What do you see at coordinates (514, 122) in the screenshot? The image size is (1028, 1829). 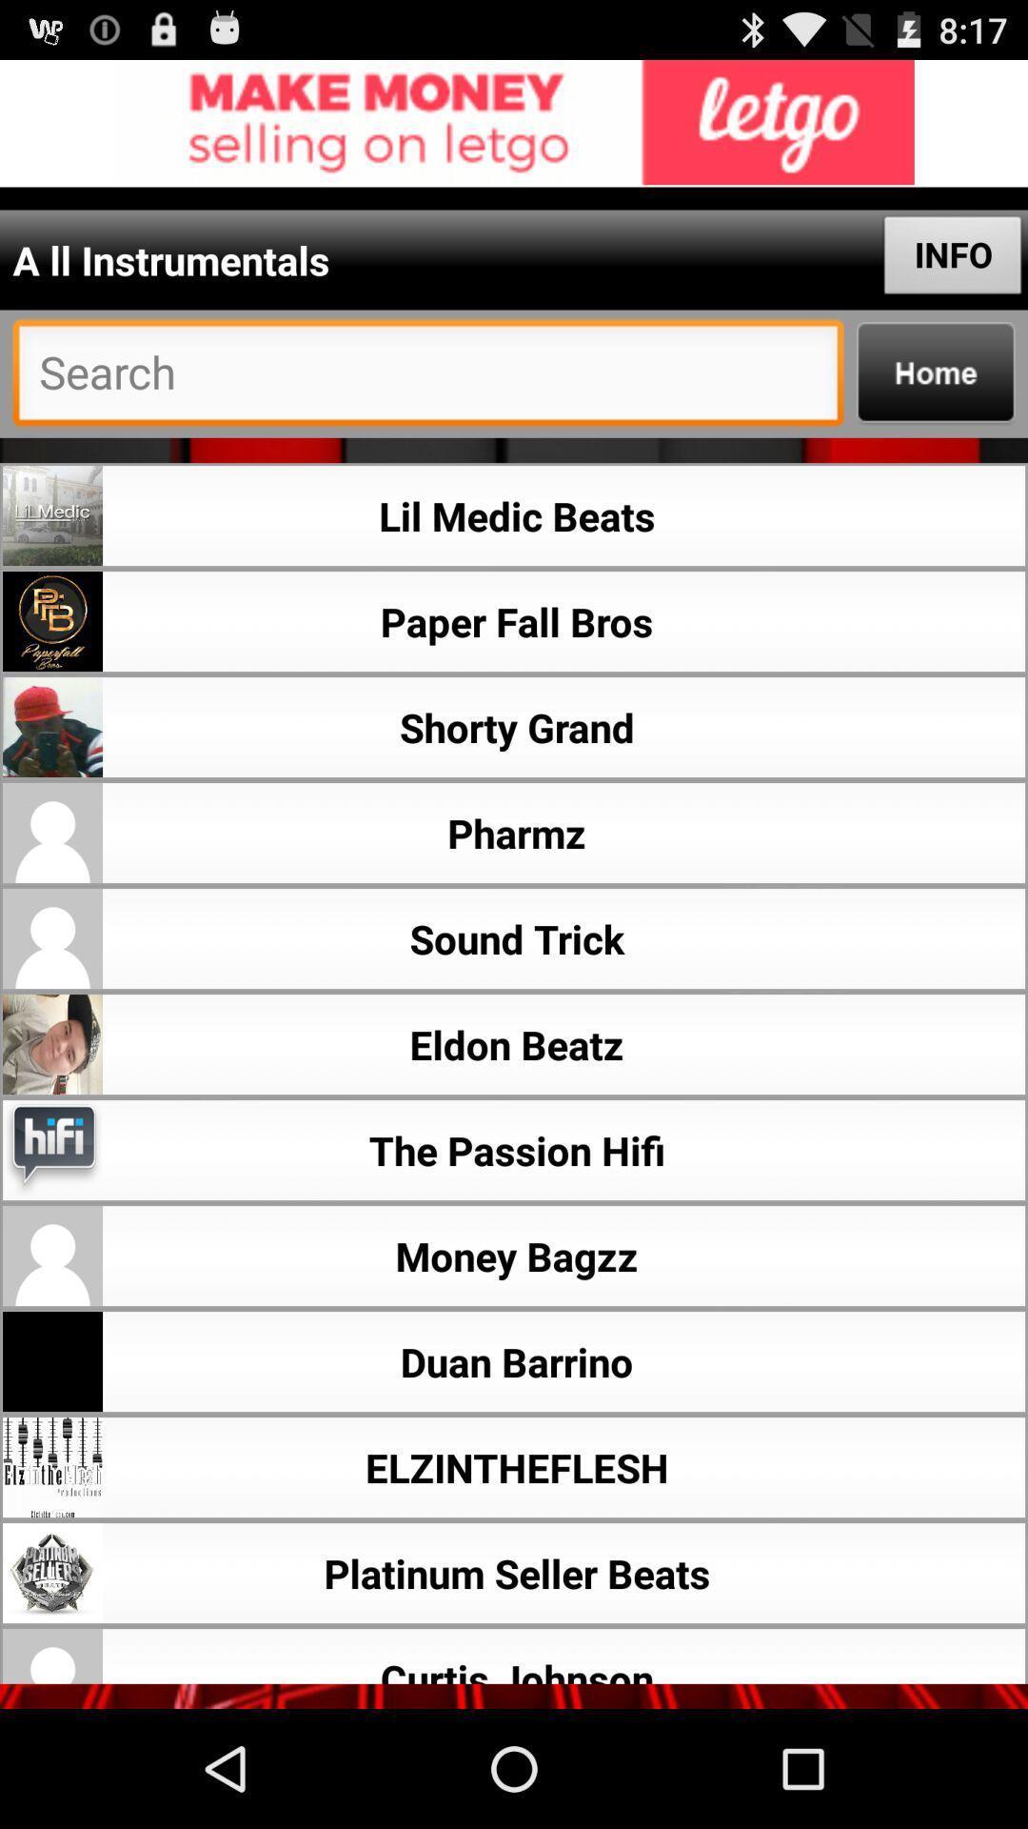 I see `advertisement` at bounding box center [514, 122].